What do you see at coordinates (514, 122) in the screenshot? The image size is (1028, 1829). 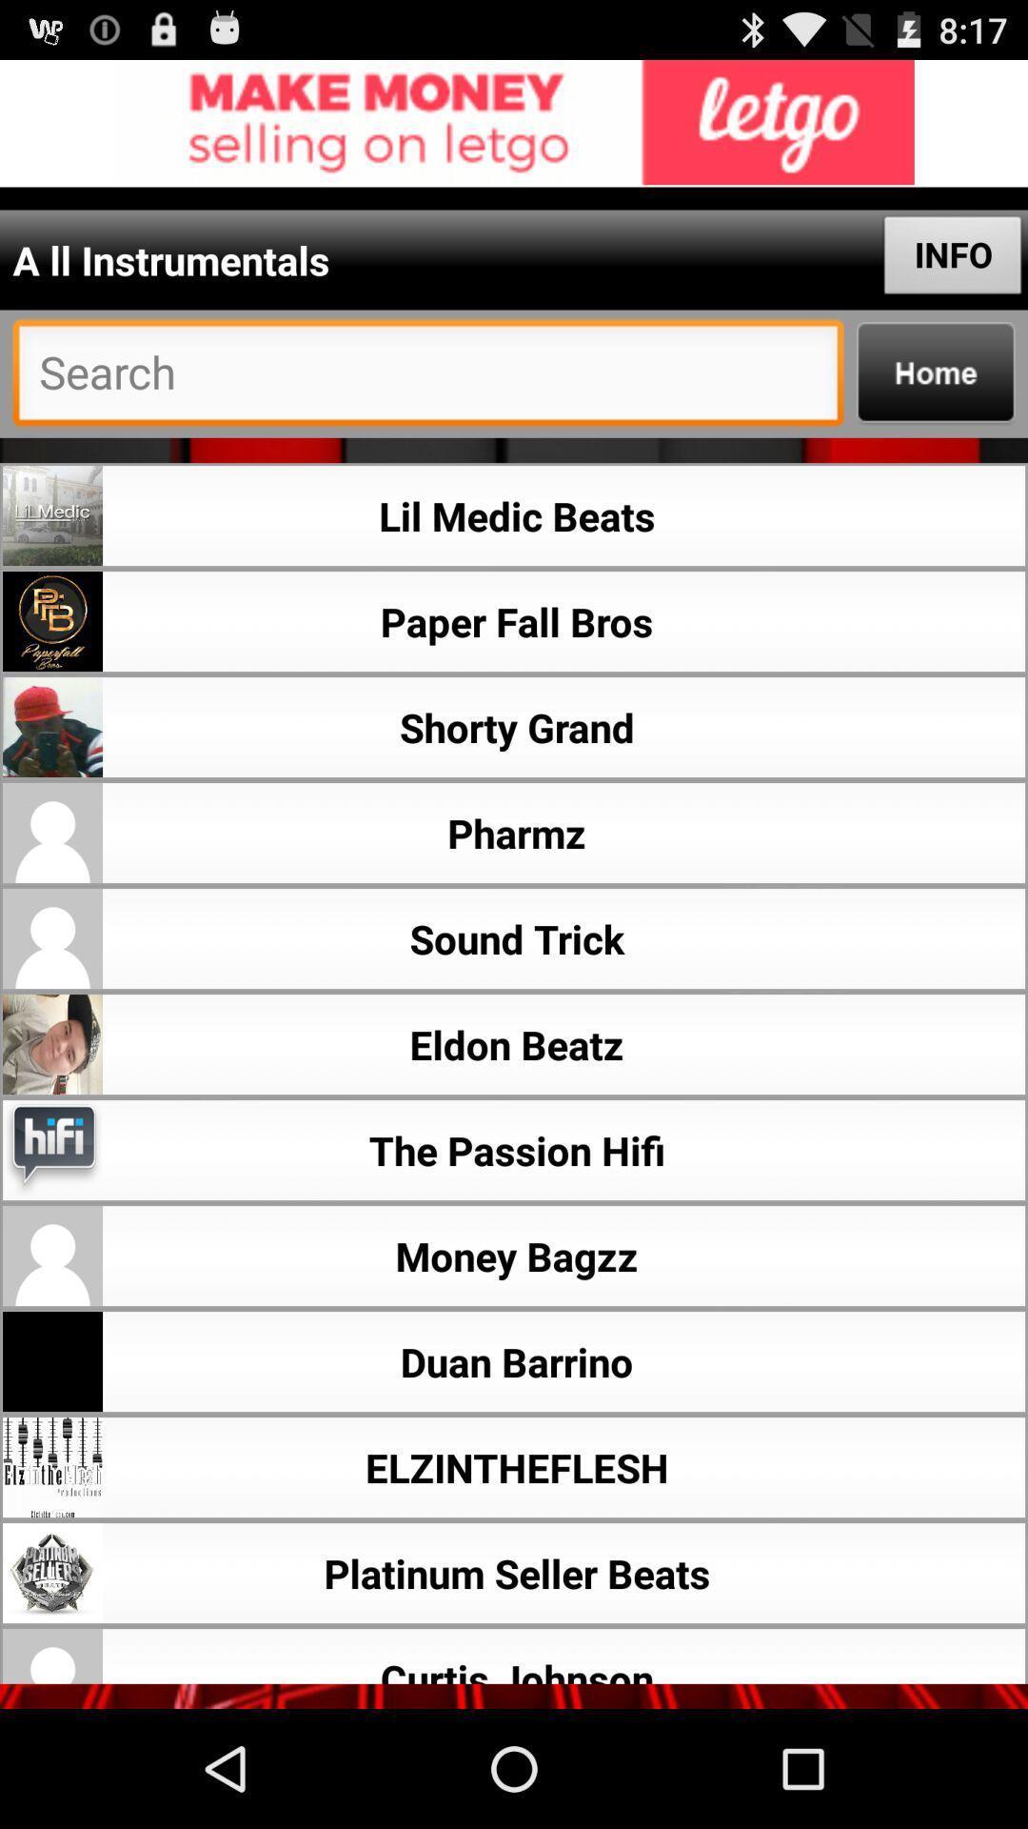 I see `advertisement` at bounding box center [514, 122].